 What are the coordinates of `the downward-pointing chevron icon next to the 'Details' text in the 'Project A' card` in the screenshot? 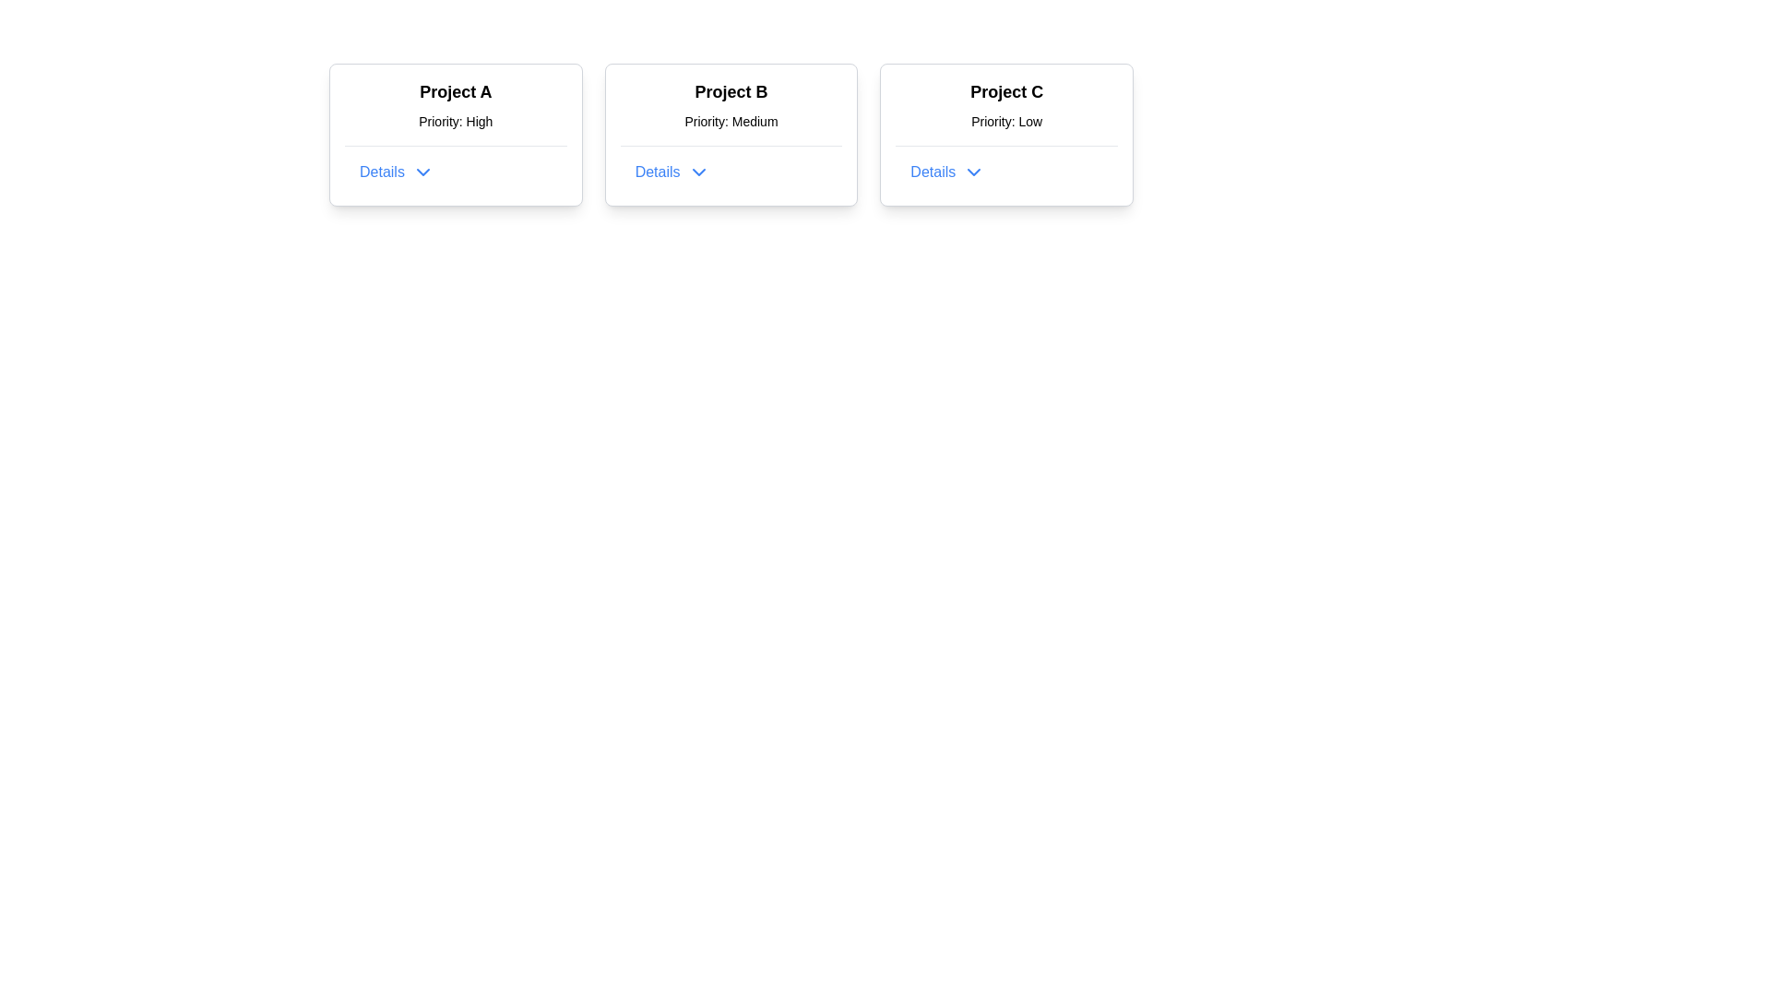 It's located at (422, 172).